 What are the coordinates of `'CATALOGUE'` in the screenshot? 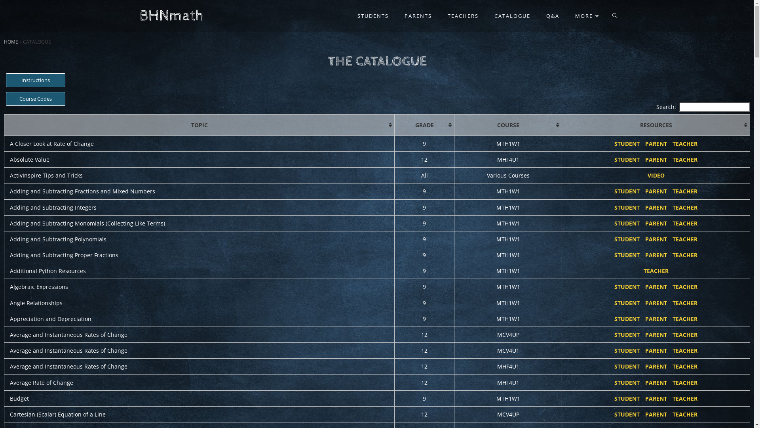 It's located at (486, 15).